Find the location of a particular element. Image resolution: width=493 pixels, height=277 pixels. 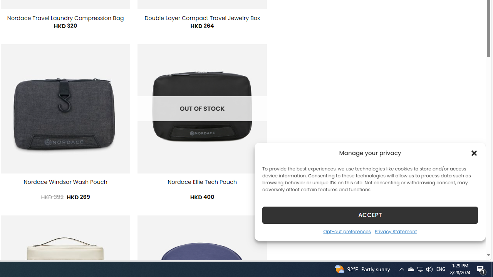

'Opt-out preferences' is located at coordinates (346, 231).